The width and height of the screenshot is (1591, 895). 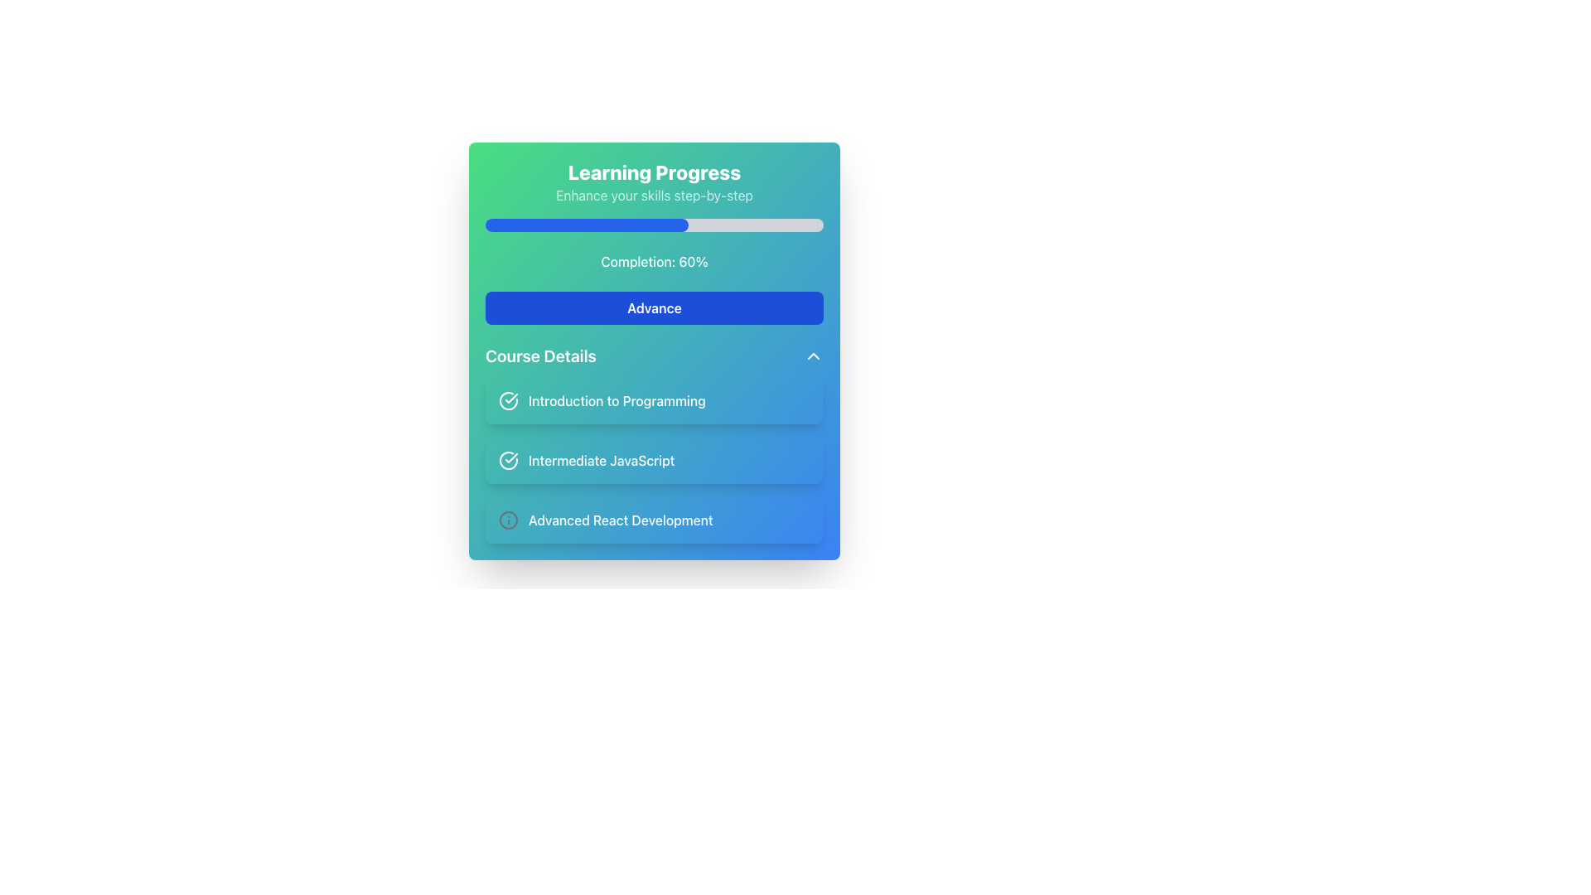 I want to click on the white circular icon with a checkmark inside, located in the 'Course Details' section to the left of 'Introduction to Programming', so click(x=508, y=400).